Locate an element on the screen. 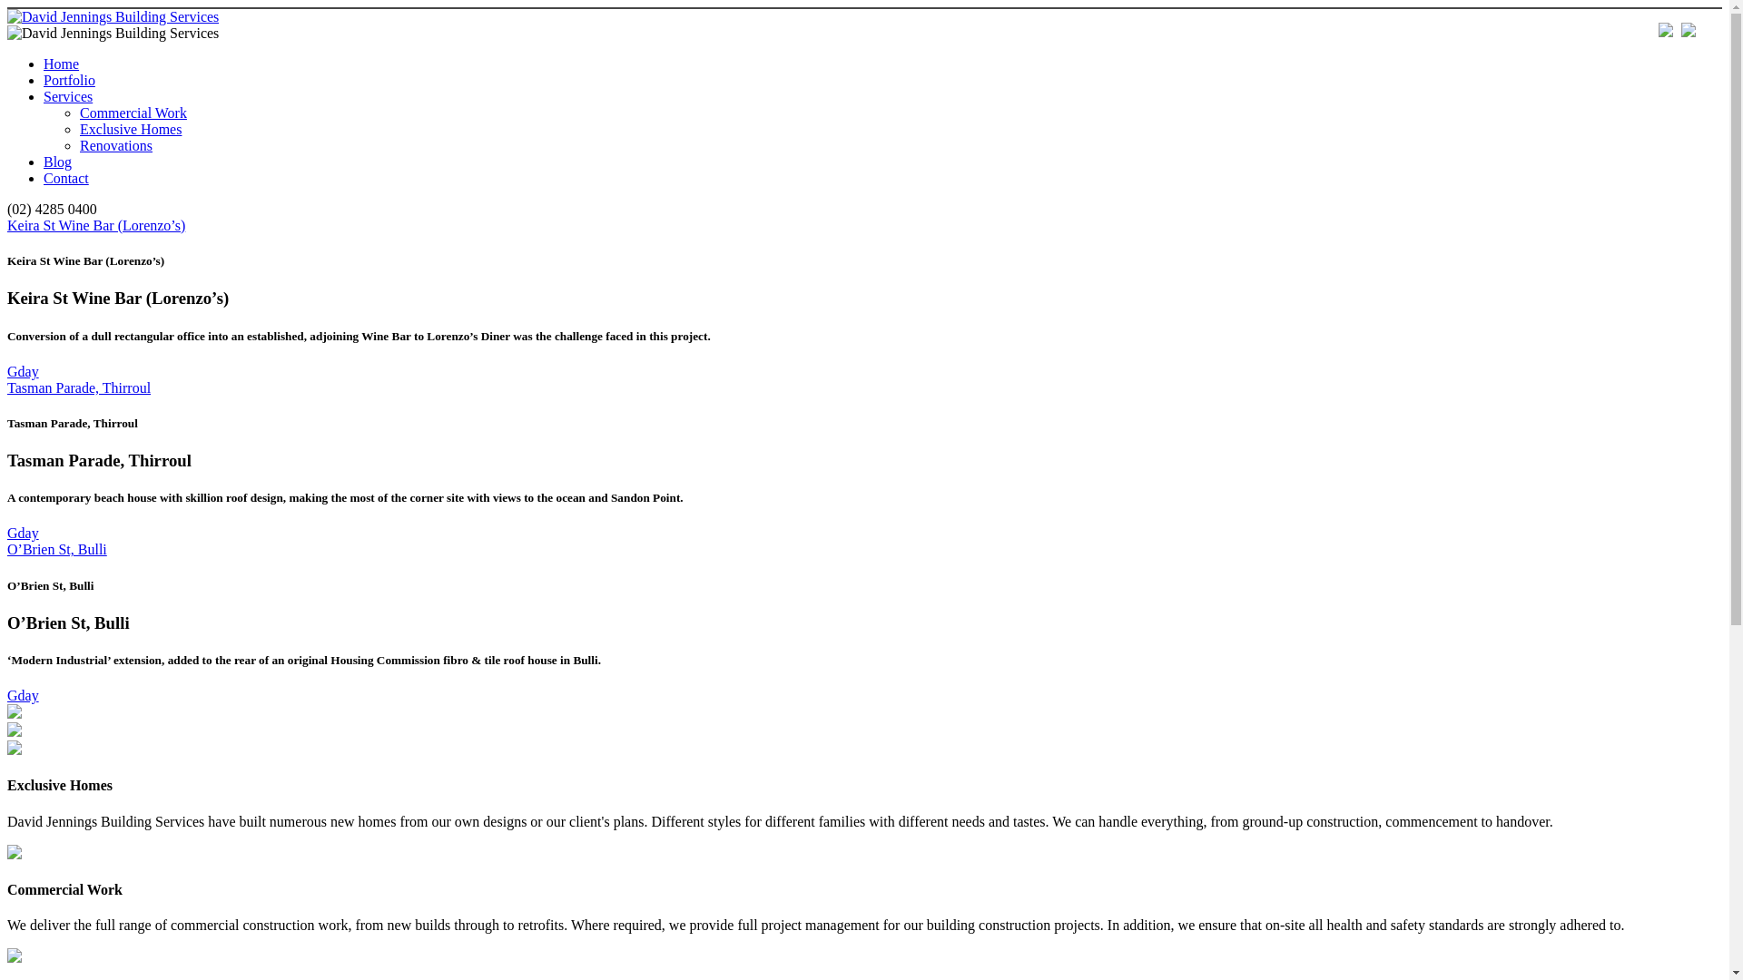 The image size is (1743, 980). 'Exclusive Homes' is located at coordinates (130, 128).